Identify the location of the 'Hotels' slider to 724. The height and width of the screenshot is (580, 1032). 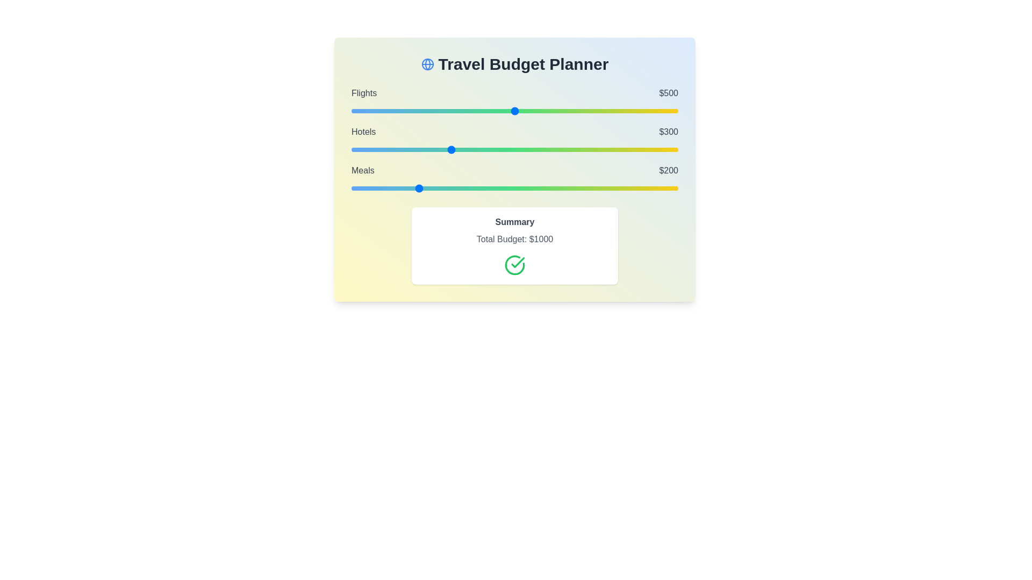
(587, 149).